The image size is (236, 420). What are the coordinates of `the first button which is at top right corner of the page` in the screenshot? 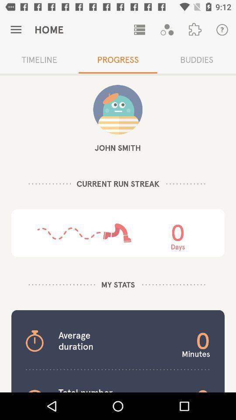 It's located at (222, 30).